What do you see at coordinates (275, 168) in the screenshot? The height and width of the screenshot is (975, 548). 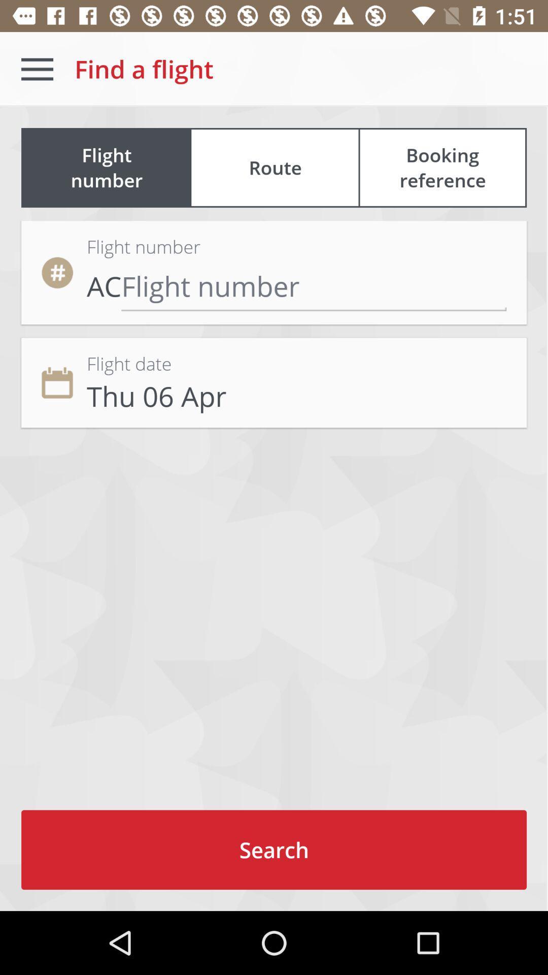 I see `route` at bounding box center [275, 168].